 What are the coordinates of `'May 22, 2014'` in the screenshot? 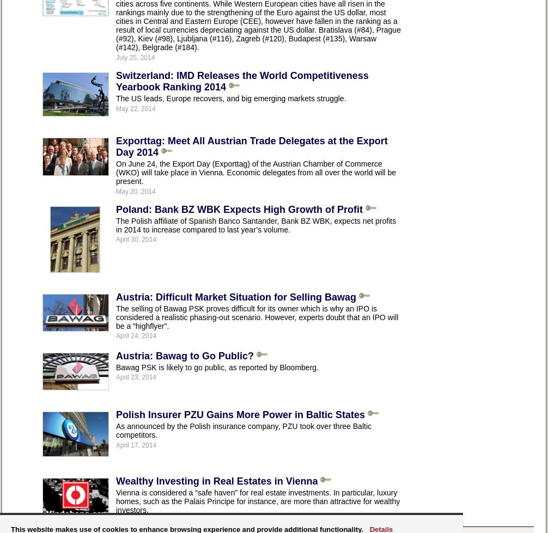 It's located at (135, 108).